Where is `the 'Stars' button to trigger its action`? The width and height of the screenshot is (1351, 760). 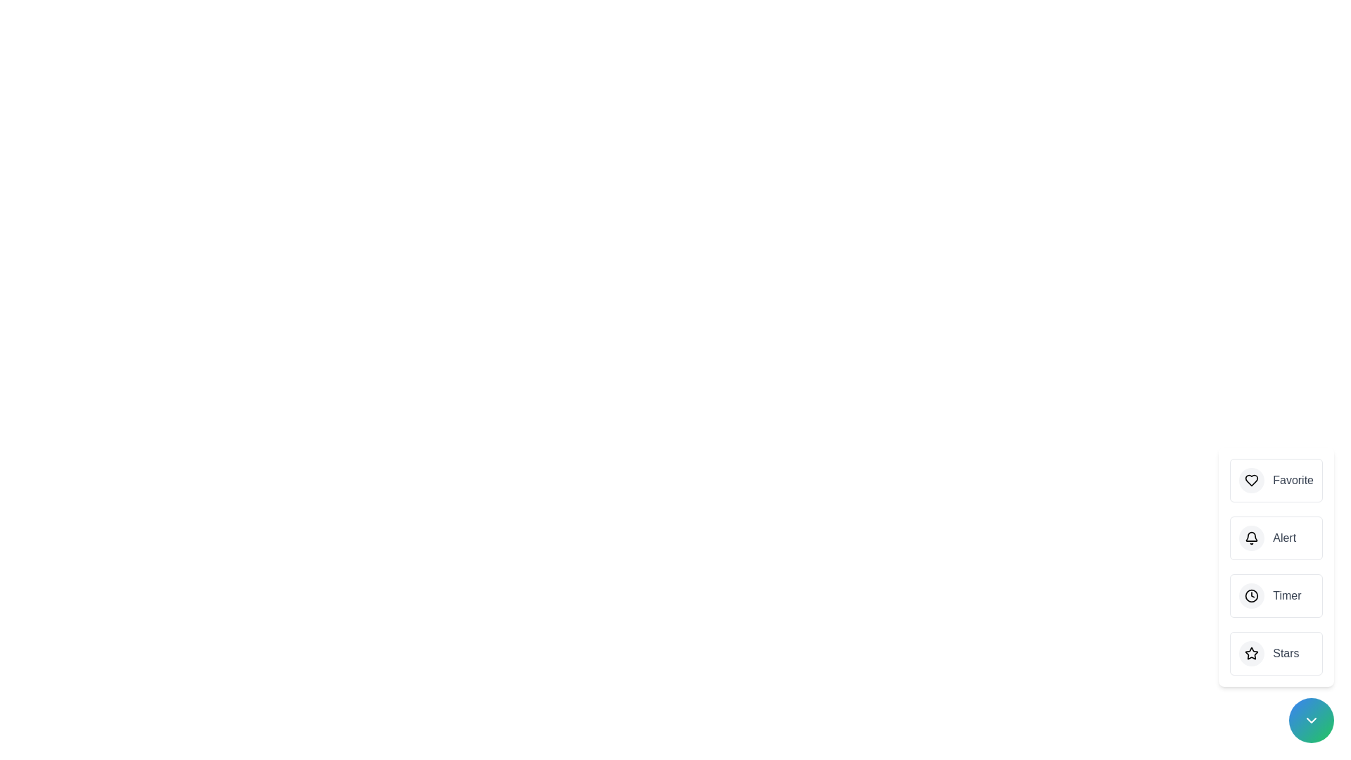
the 'Stars' button to trigger its action is located at coordinates (1276, 654).